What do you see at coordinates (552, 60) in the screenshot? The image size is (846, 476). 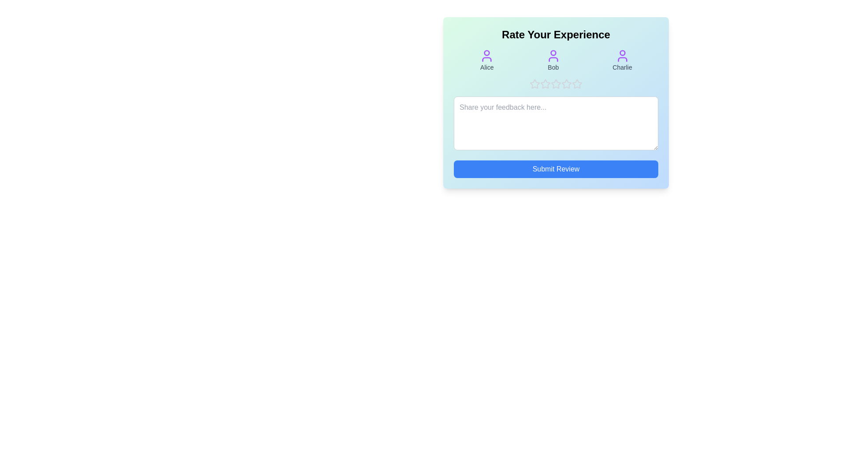 I see `the avatar icon corresponding to Bob to view its details` at bounding box center [552, 60].